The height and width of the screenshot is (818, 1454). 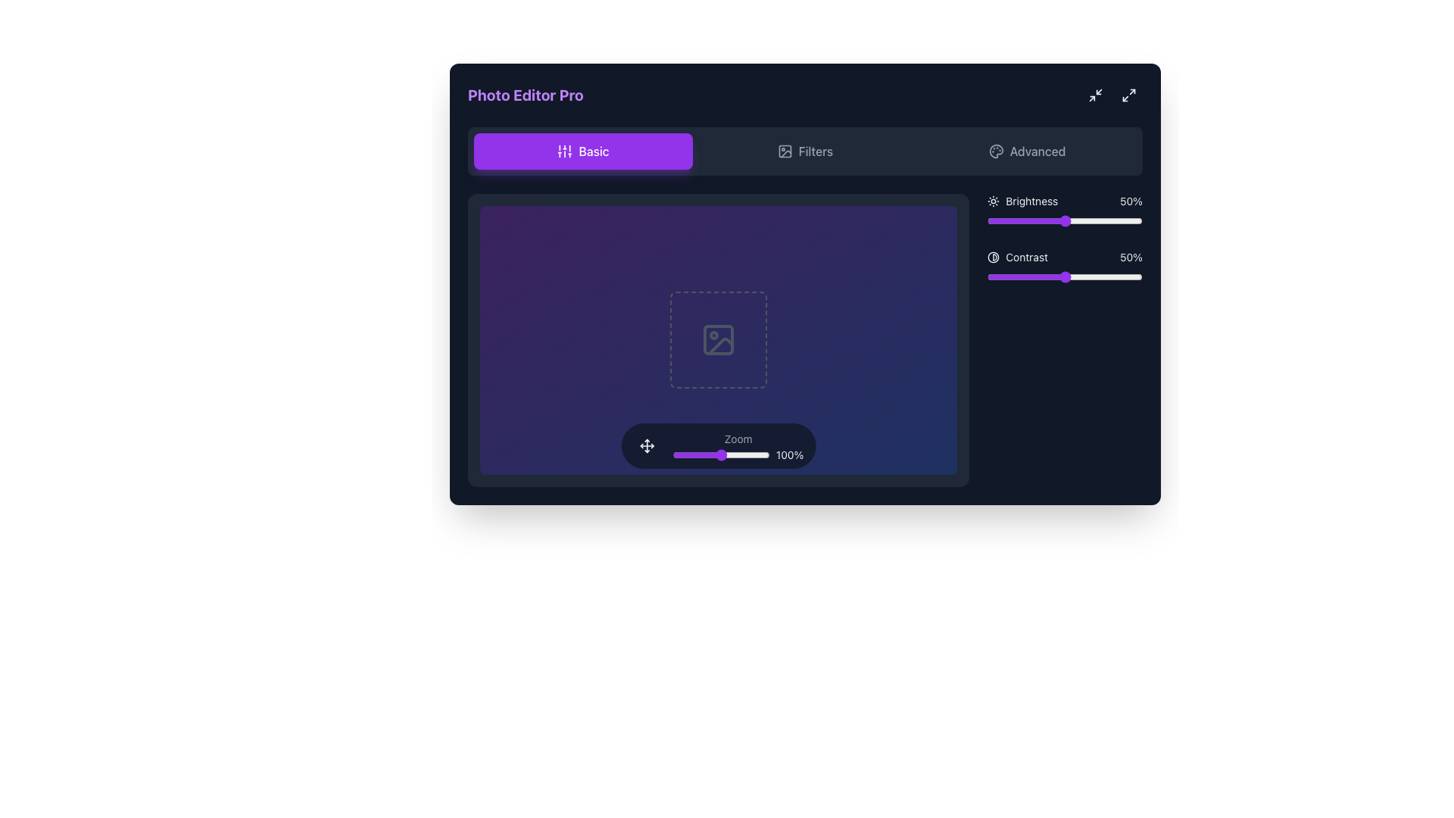 What do you see at coordinates (672, 454) in the screenshot?
I see `the zoom level` at bounding box center [672, 454].